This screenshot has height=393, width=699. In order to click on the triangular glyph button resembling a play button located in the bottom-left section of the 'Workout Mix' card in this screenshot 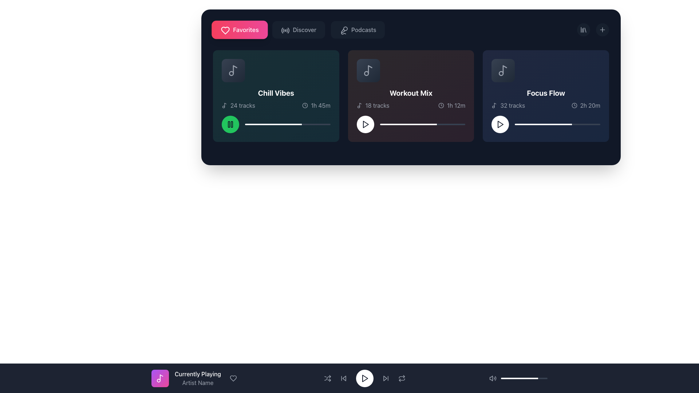, I will do `click(366, 124)`.